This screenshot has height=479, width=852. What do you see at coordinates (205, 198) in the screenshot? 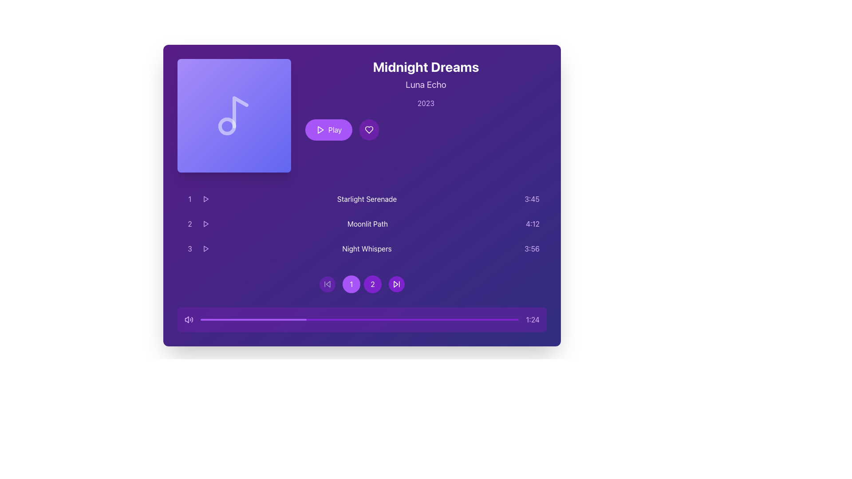
I see `the triangular purple play icon located in the first list item next to the numeral '1' and above the song title 'Starlight Serenade' for additional options` at bounding box center [205, 198].